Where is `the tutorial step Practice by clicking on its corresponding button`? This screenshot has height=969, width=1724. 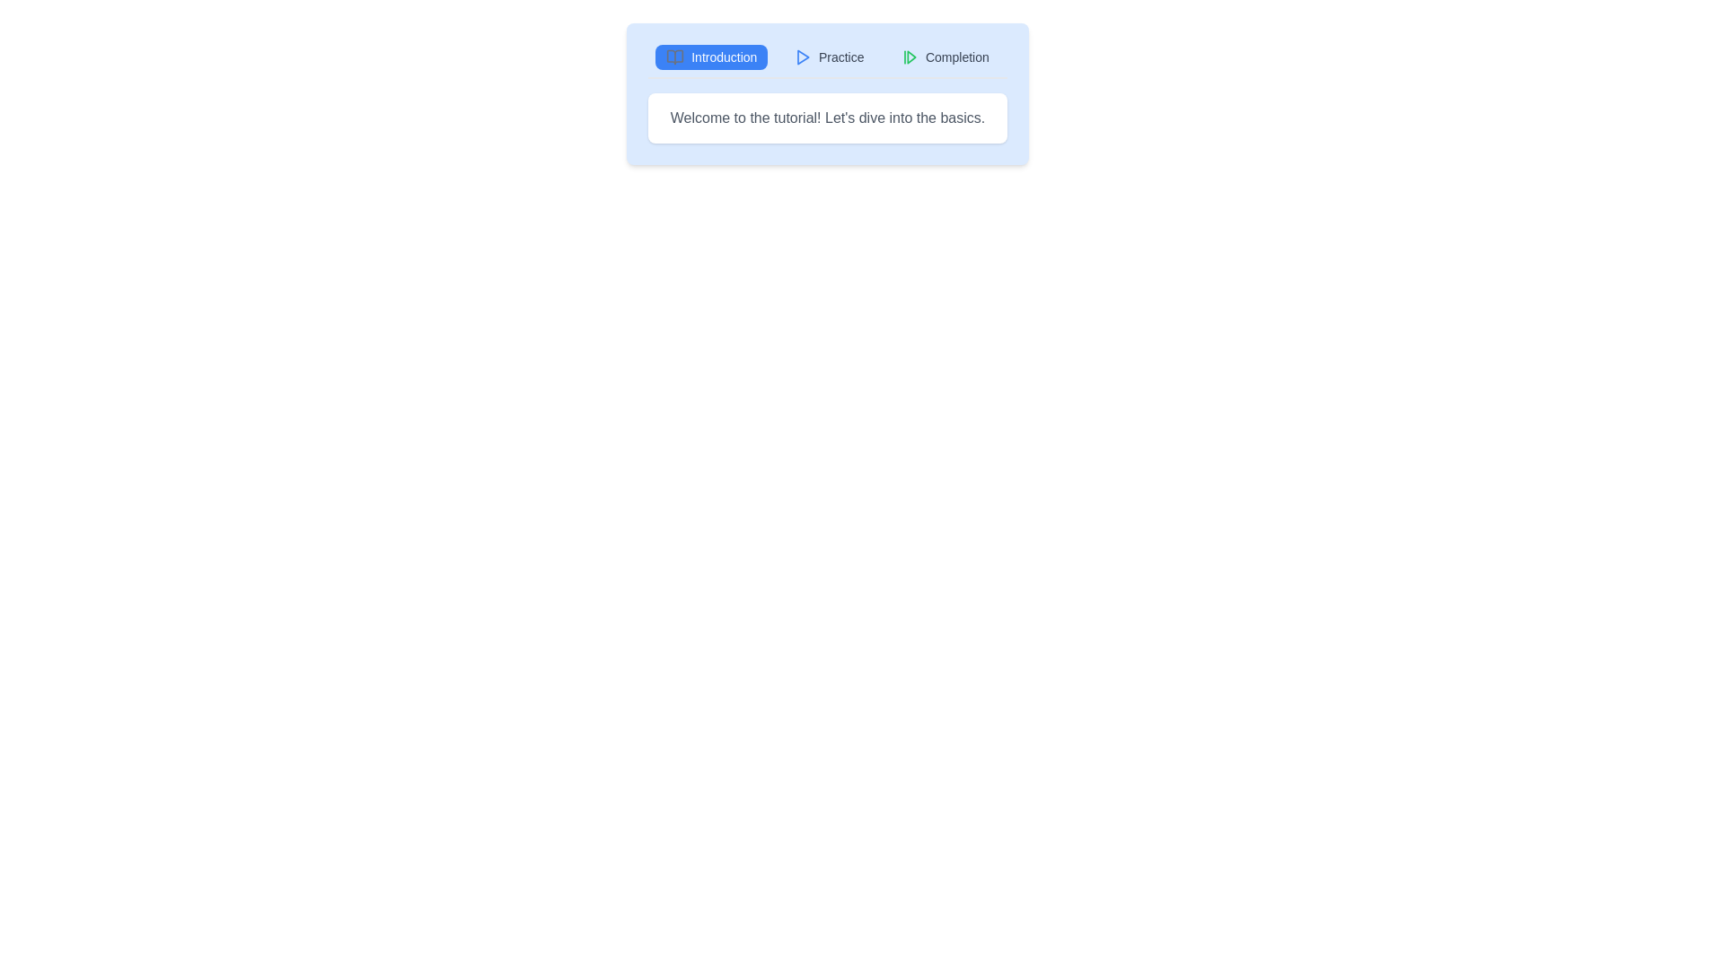 the tutorial step Practice by clicking on its corresponding button is located at coordinates (828, 57).